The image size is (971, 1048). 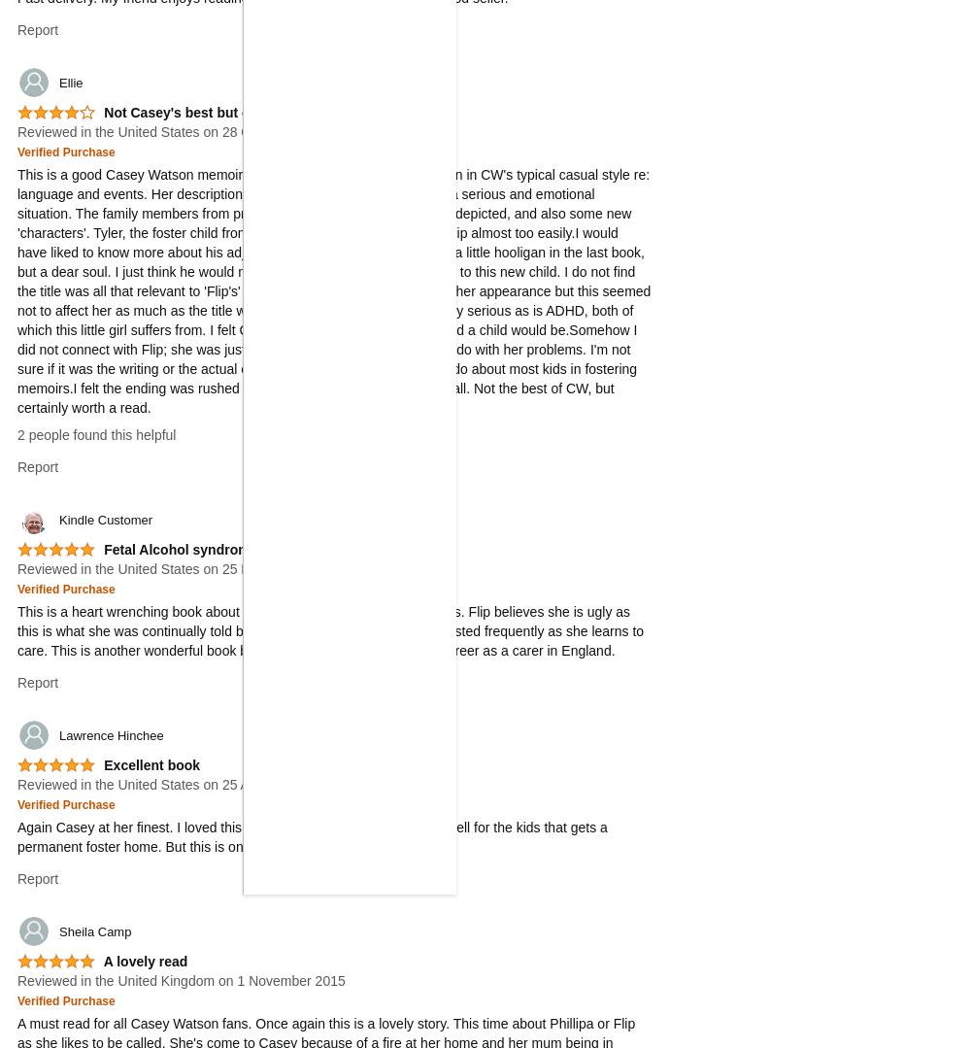 What do you see at coordinates (333, 289) in the screenshot?
I see `'This is a good Casey Watson memoir. I enjoyed reading it, and it is written in CW's typical casual style re: language and events. Her descriptions can be humorous in the midst of a serious and emotional situation. The family members from previous books are  present and well-depicted, and also  some new 'characters'. Tyler, the foster child from the last book, learned to accept Flip almost too easily.I would have liked to know more about his adjustment to long-term care- he was a little hooligan in the last book, but a dear soul. I just think he would not be so compliant and affectionate to this new child. I do not find the title was all that relevant to 'Flip's'  case. She did have a problem with  her appearance but this seemed not to affect her as much as the title would imply. As well, FAS can  be very serious as is  ADHD, both of which this little girl suffers from. I felt Casey glossed over just how affected a child would be.Somehow I did not connect with Flip; she was just not too likable- this had nothing to do with her problems. I'm not sure if it was the writing or the actual child or why I did not feel  the way I do about most kids in fostering memoirs.I felt the ending was rushed  with the best possible outcome for all. Not the best of CW, but certainly worth a  read.'` at bounding box center [333, 289].